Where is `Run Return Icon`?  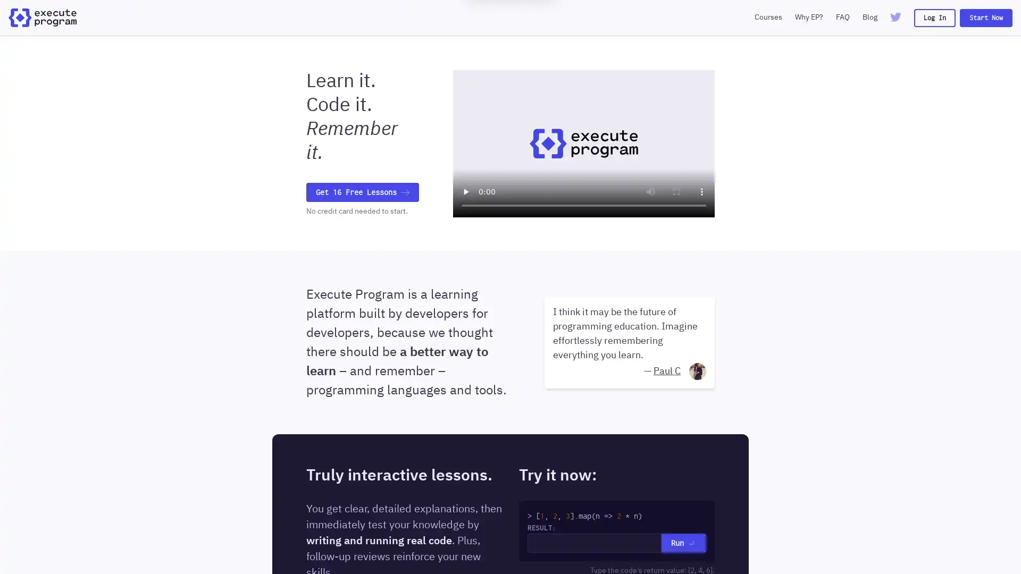
Run Return Icon is located at coordinates (684, 543).